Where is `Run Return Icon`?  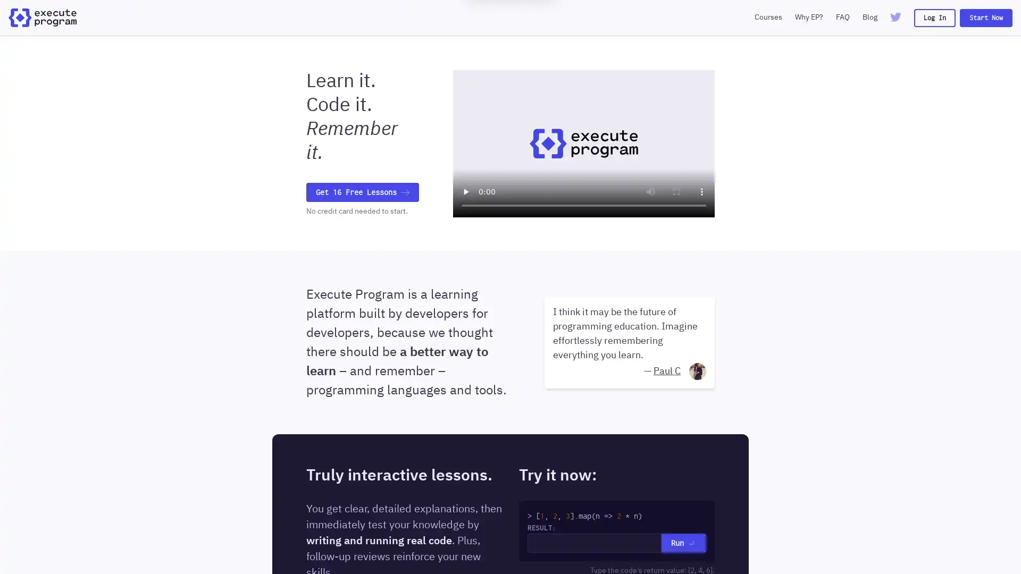
Run Return Icon is located at coordinates (684, 543).